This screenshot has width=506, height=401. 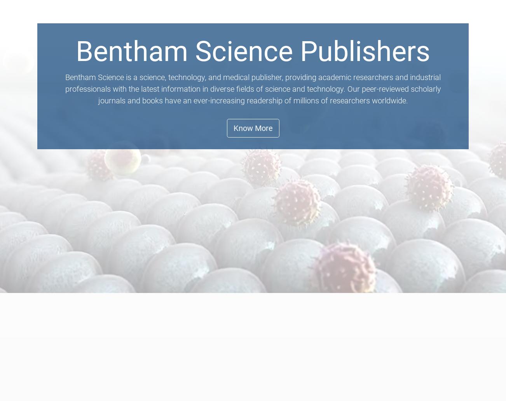 I want to click on 'Register', so click(x=417, y=17).